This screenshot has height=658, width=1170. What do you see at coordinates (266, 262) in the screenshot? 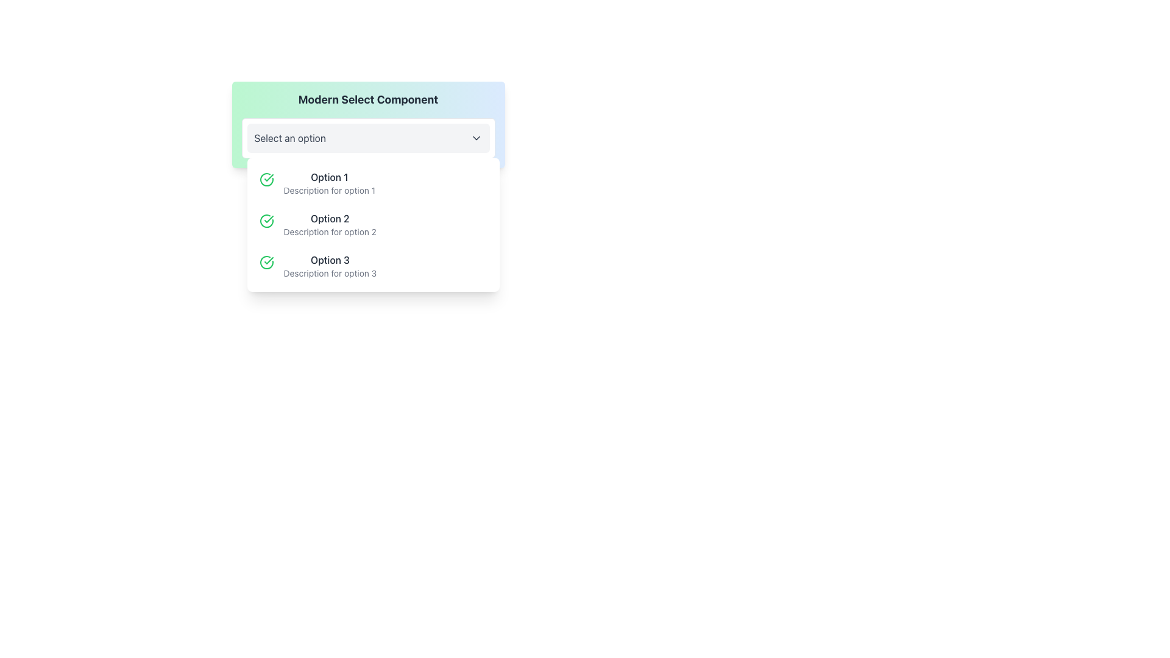
I see `the icon indicator for 'Option 3', which visually confirms that this option is currently selected` at bounding box center [266, 262].